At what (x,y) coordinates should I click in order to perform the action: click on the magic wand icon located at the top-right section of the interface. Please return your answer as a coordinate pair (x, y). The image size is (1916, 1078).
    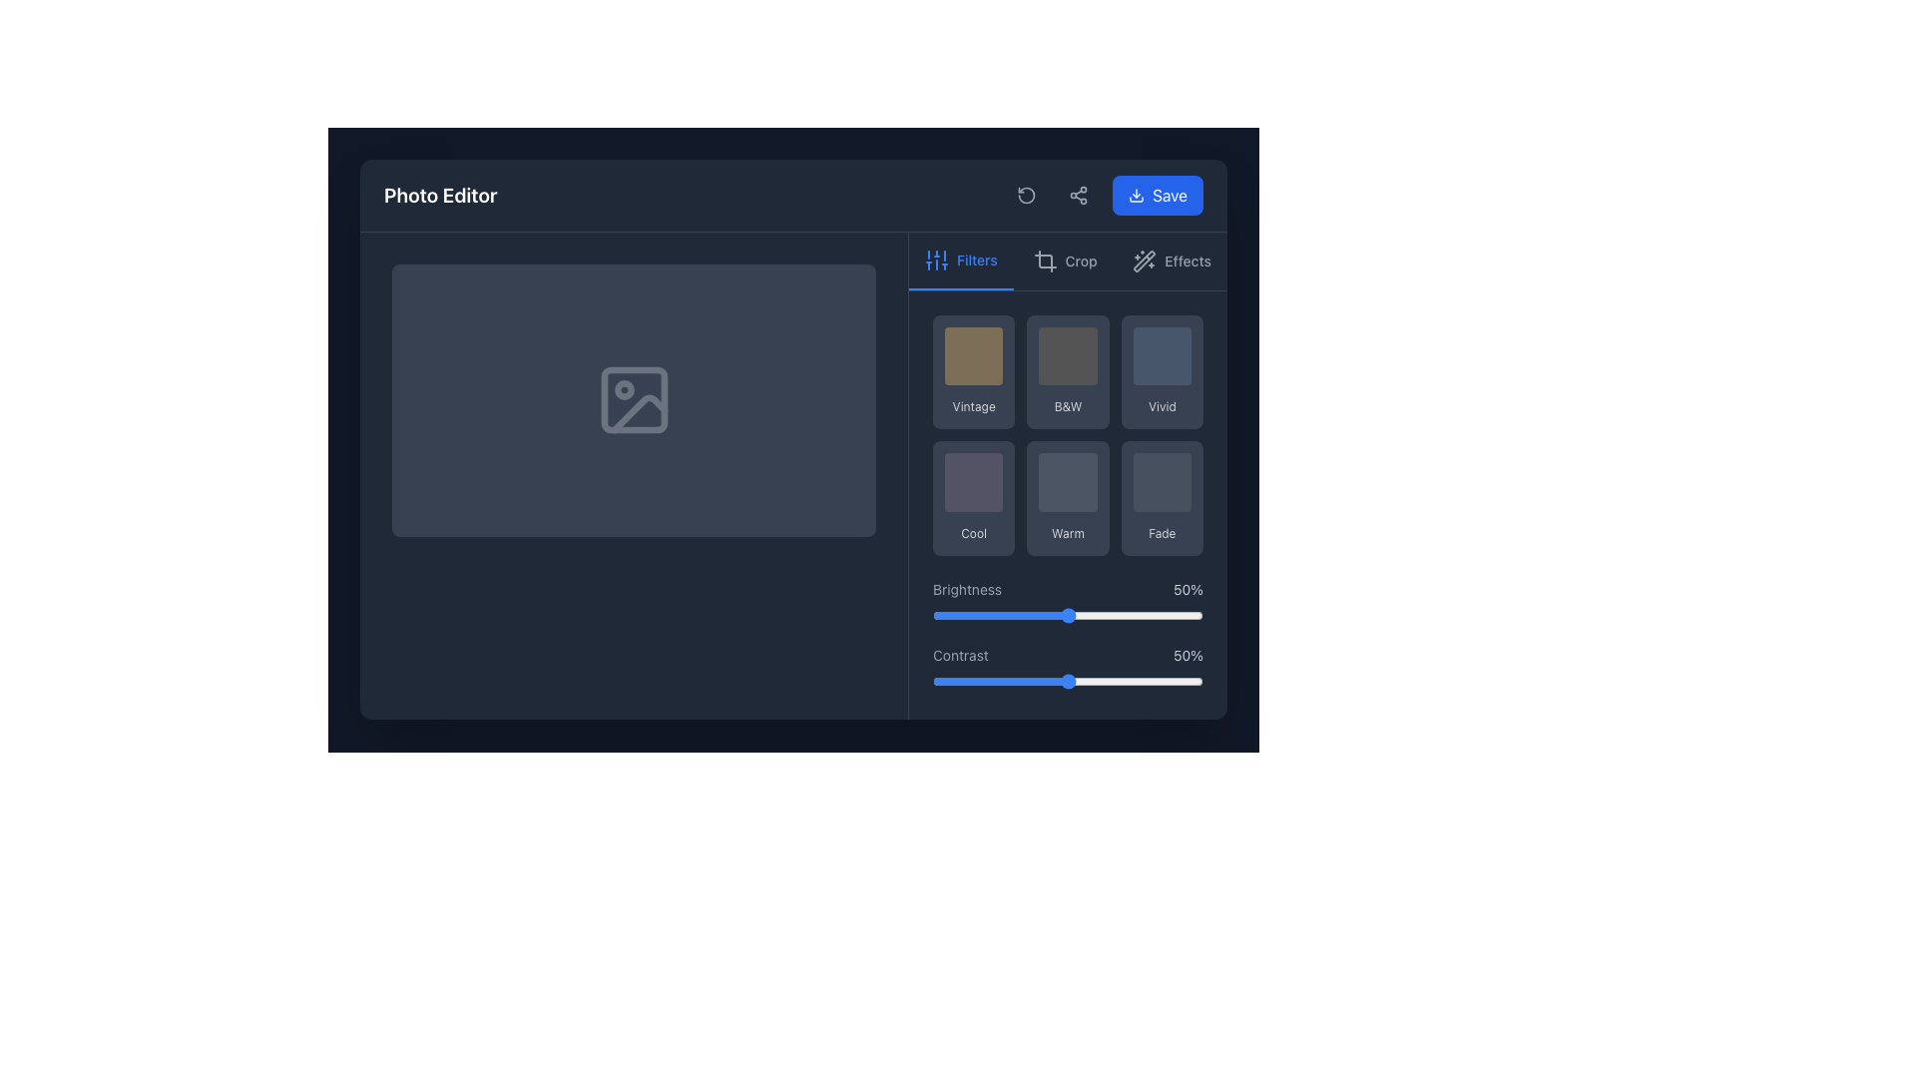
    Looking at the image, I should click on (1145, 261).